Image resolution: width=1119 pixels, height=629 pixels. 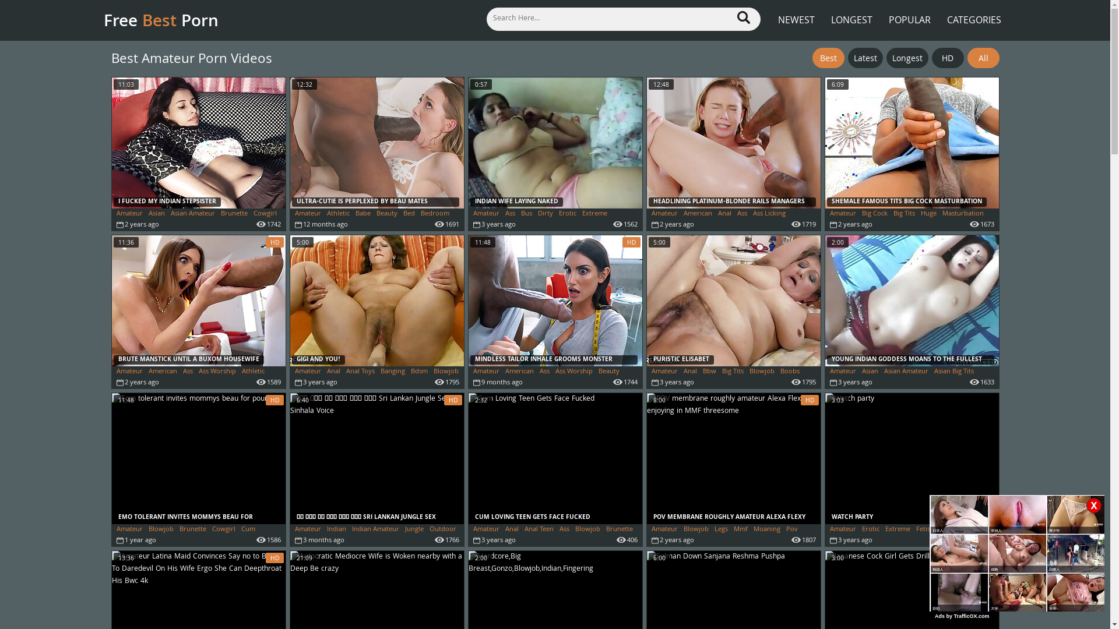 I want to click on 'Fetish', so click(x=924, y=529).